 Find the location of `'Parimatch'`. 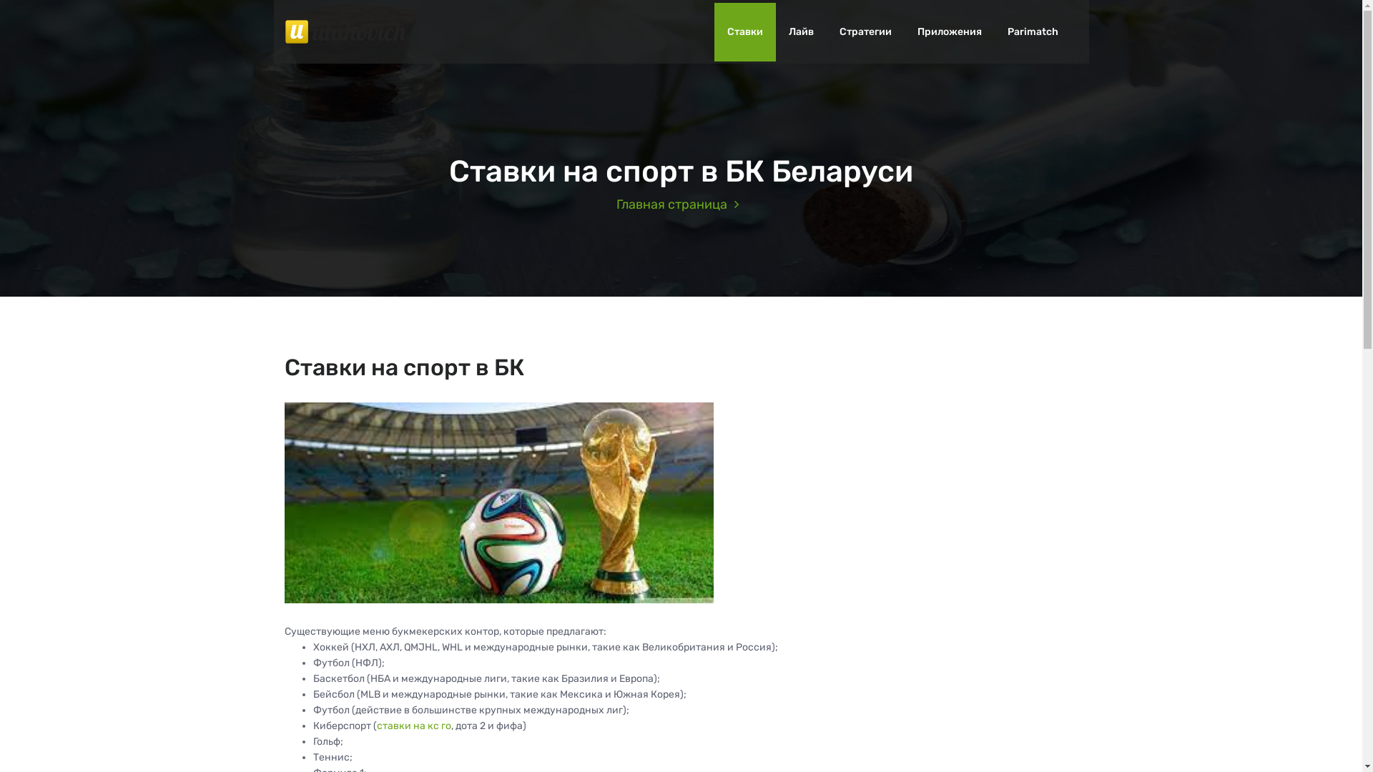

'Parimatch' is located at coordinates (1032, 32).